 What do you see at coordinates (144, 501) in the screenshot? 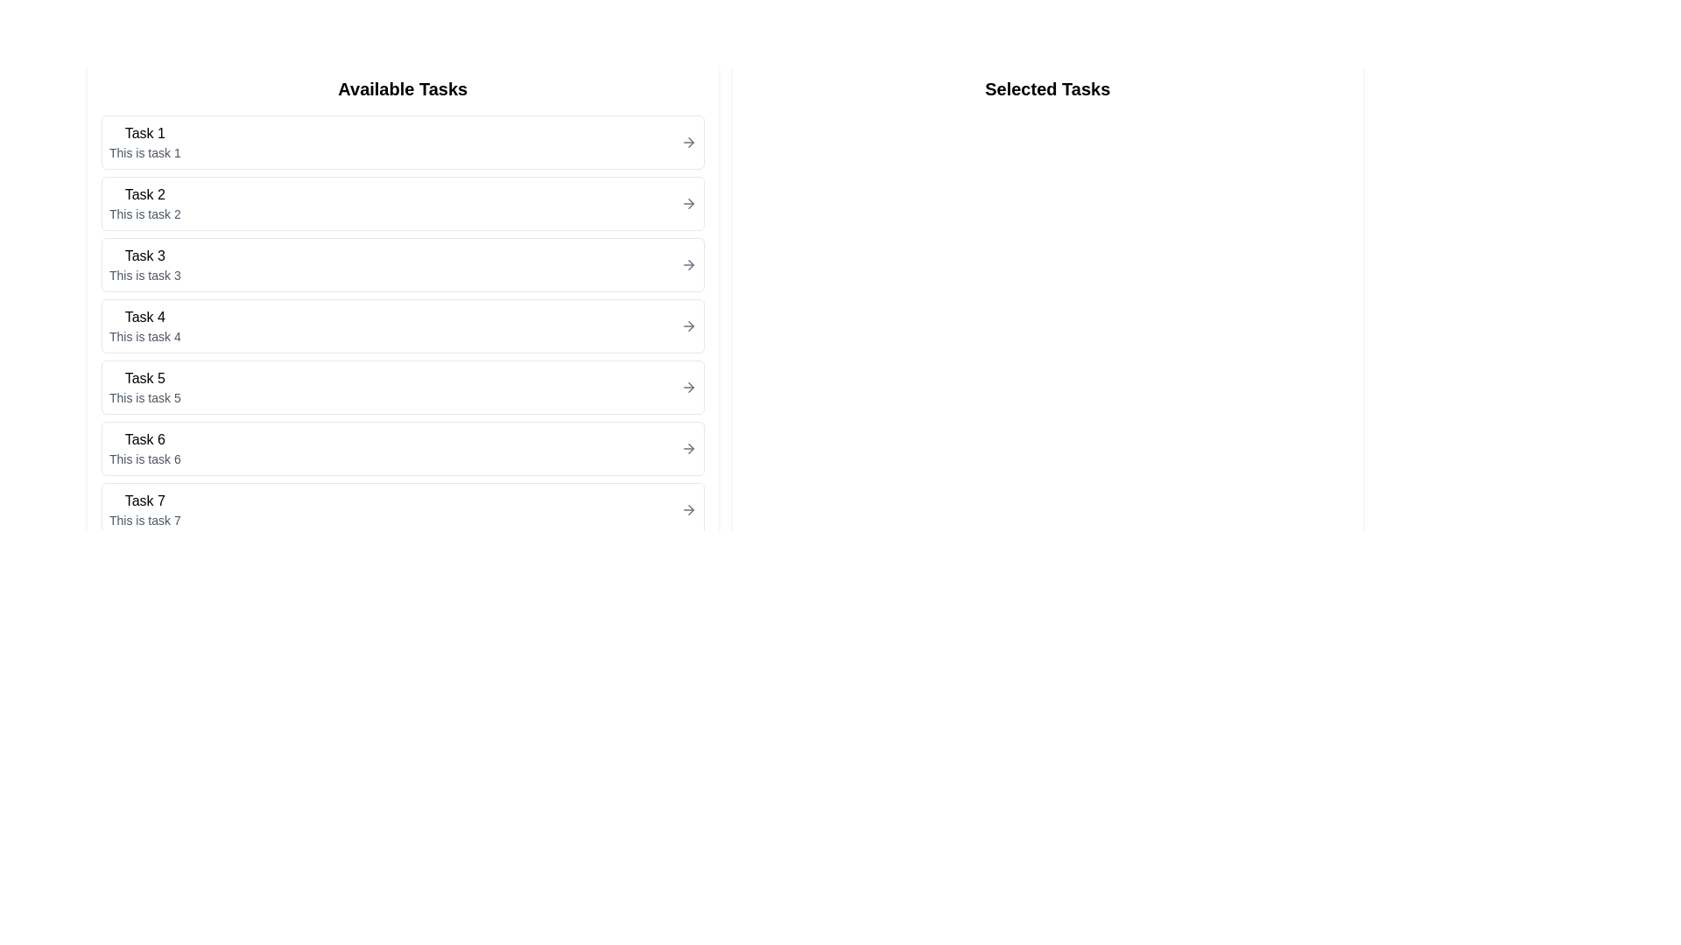
I see `the title text of the seventh task in the list, which is located on the left side of the interface above the description 'This is task 7'` at bounding box center [144, 501].